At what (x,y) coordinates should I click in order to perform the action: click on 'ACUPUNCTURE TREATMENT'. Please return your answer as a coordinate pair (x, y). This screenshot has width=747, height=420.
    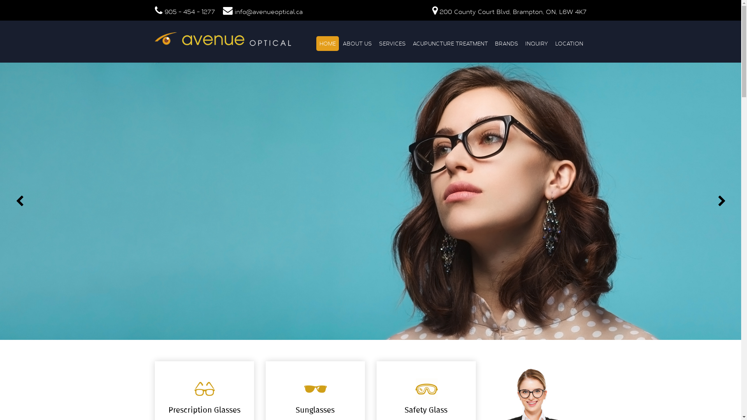
    Looking at the image, I should click on (450, 43).